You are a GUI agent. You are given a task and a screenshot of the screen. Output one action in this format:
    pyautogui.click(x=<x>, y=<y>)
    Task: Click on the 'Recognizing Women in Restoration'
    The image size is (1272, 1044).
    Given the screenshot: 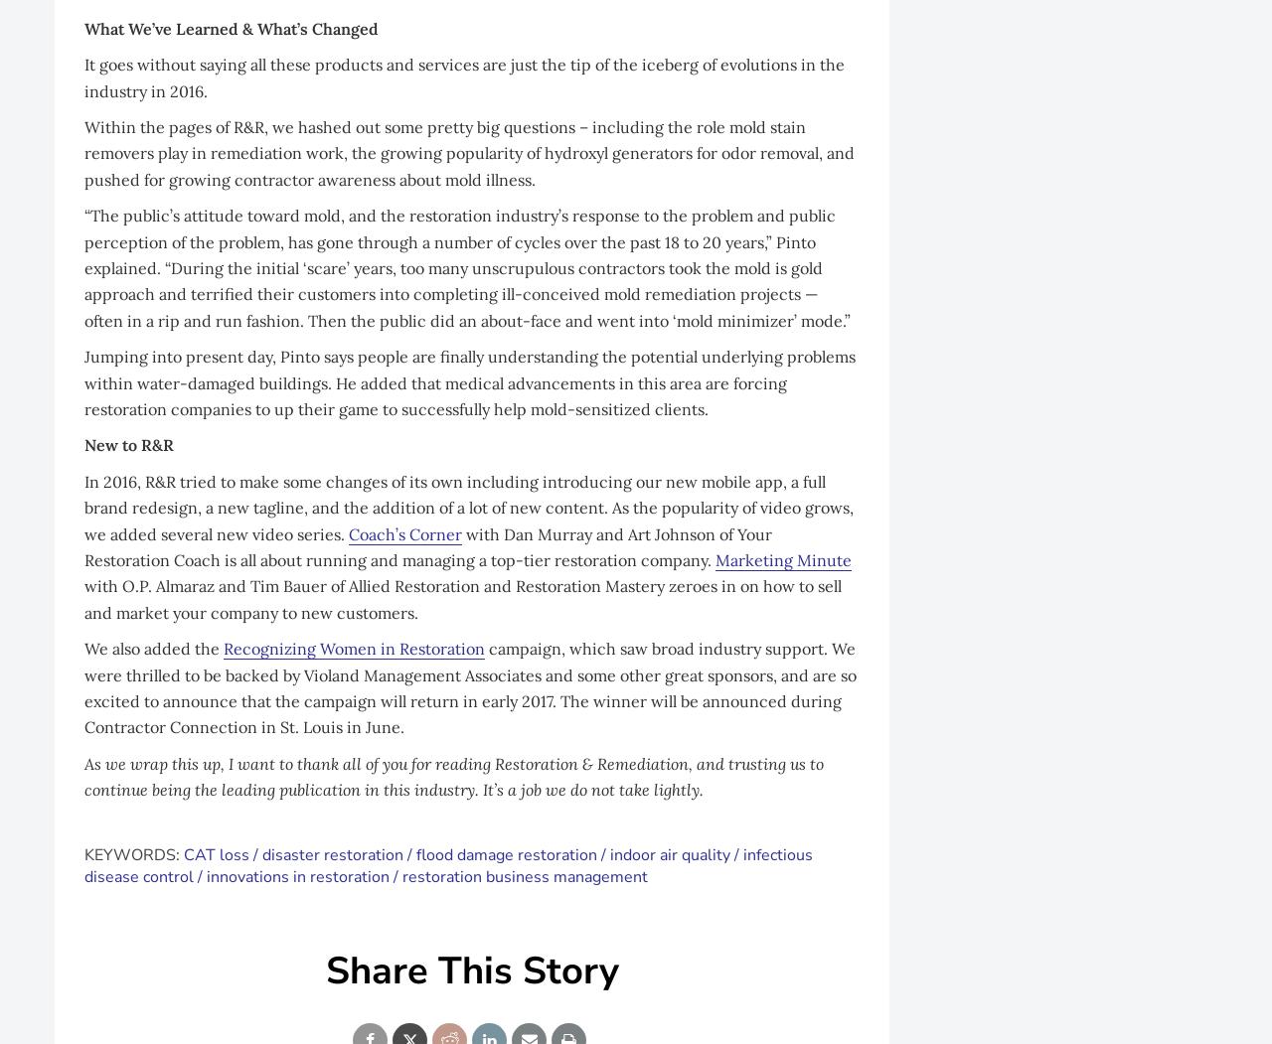 What is the action you would take?
    pyautogui.click(x=354, y=648)
    